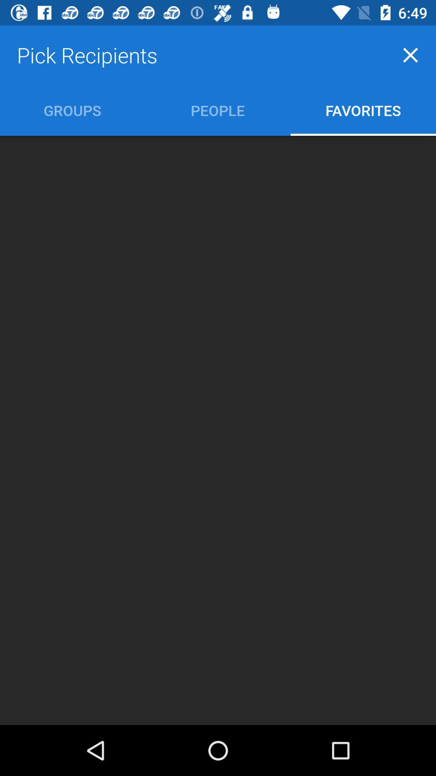 This screenshot has width=436, height=776. I want to click on item below pick recipients, so click(72, 110).